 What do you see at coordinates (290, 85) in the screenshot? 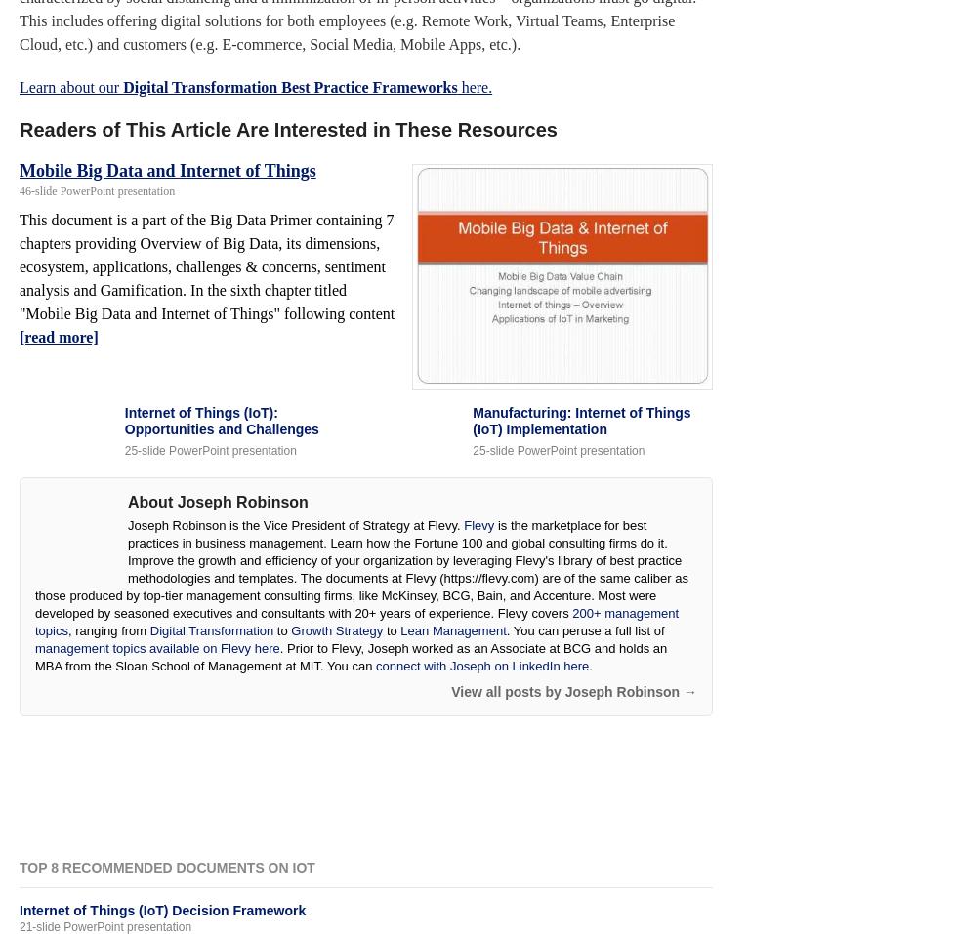
I see `'Digital Transformation Best Practice Frameworks'` at bounding box center [290, 85].